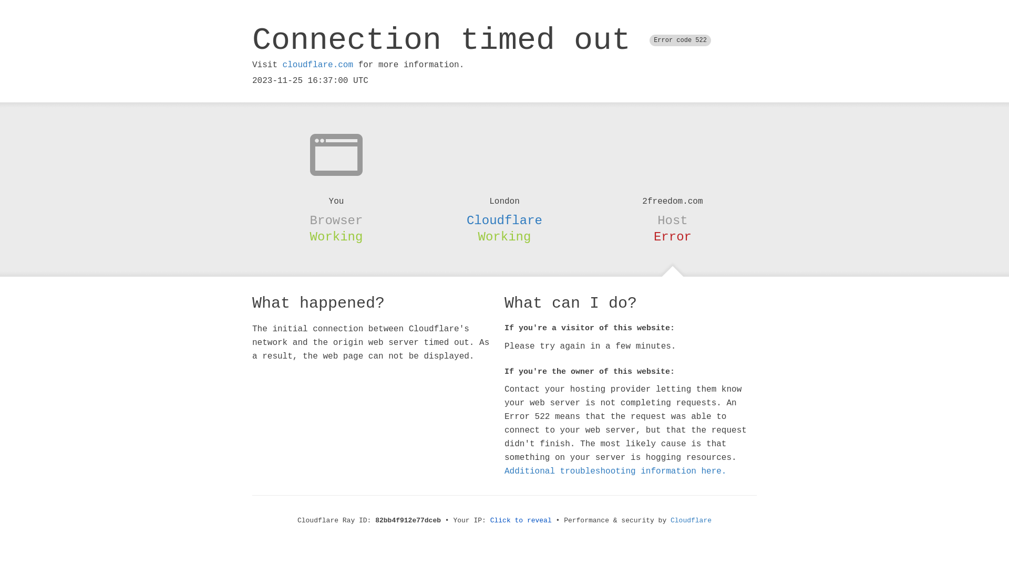 The width and height of the screenshot is (1009, 567). What do you see at coordinates (521, 520) in the screenshot?
I see `'Click to reveal'` at bounding box center [521, 520].